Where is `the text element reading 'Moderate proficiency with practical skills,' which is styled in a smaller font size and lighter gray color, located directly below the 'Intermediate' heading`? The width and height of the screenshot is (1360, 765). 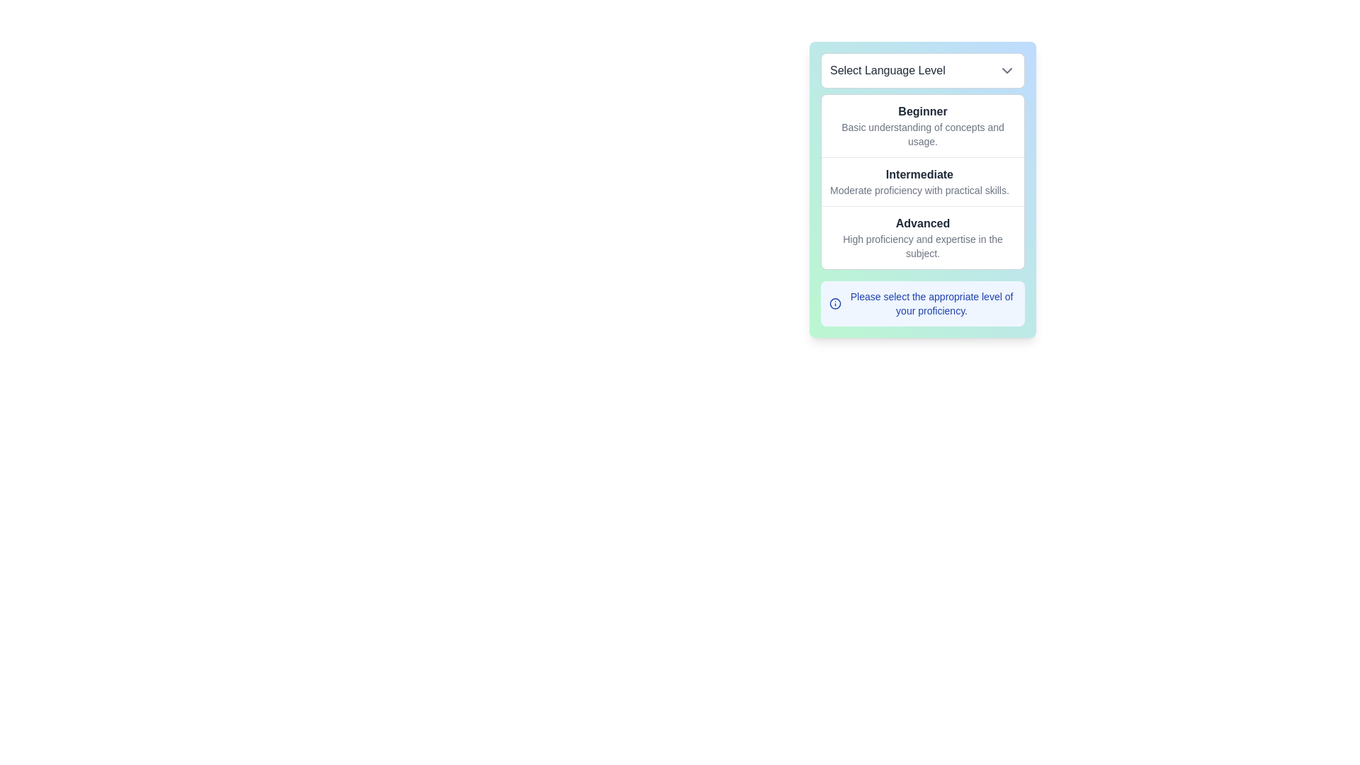 the text element reading 'Moderate proficiency with practical skills,' which is styled in a smaller font size and lighter gray color, located directly below the 'Intermediate' heading is located at coordinates (919, 190).